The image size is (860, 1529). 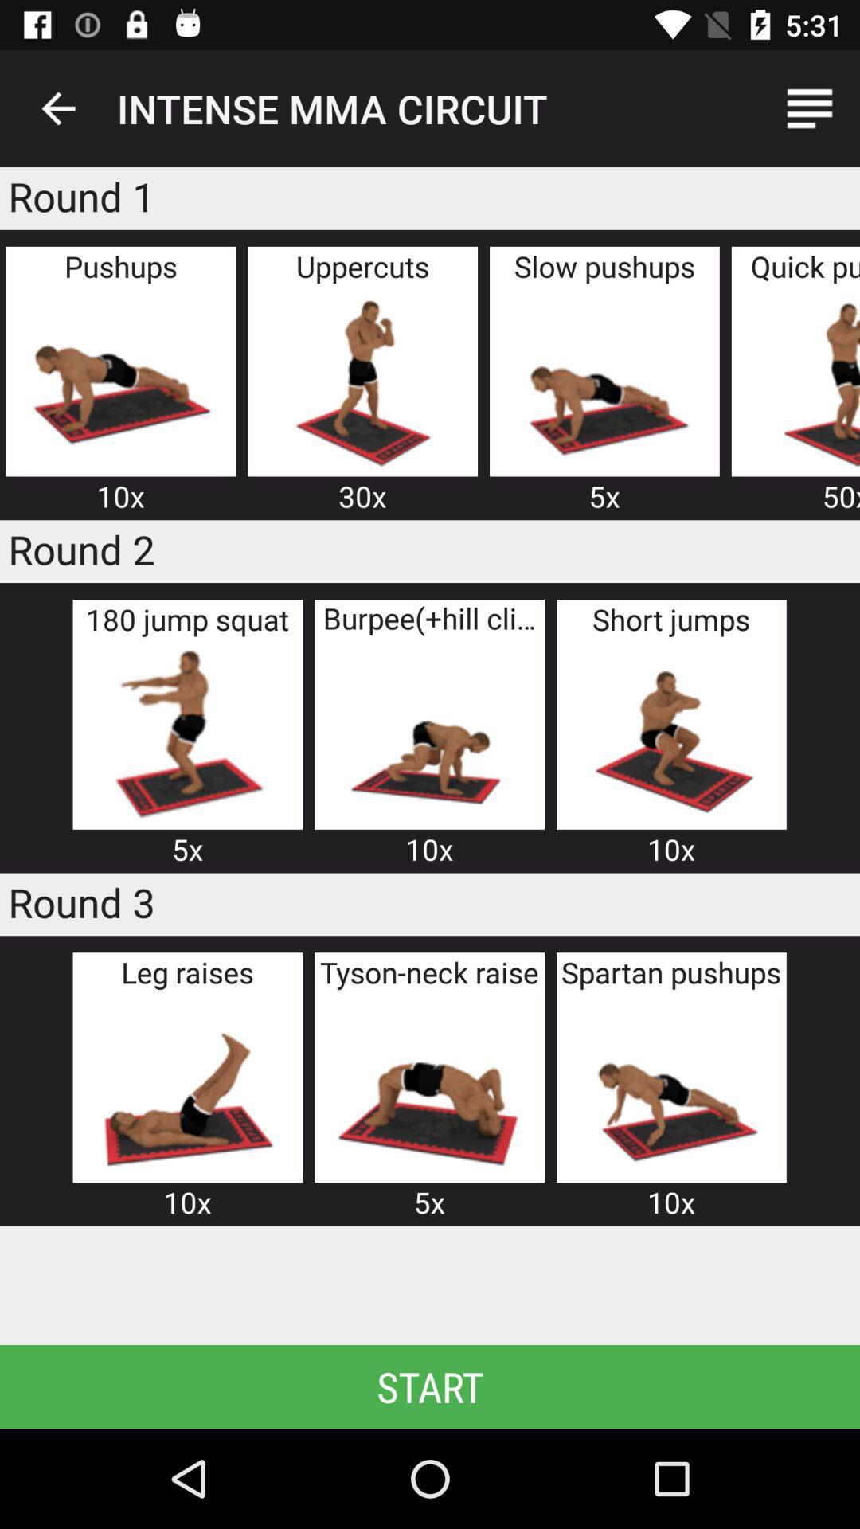 What do you see at coordinates (671, 733) in the screenshot?
I see `the round 2 option` at bounding box center [671, 733].